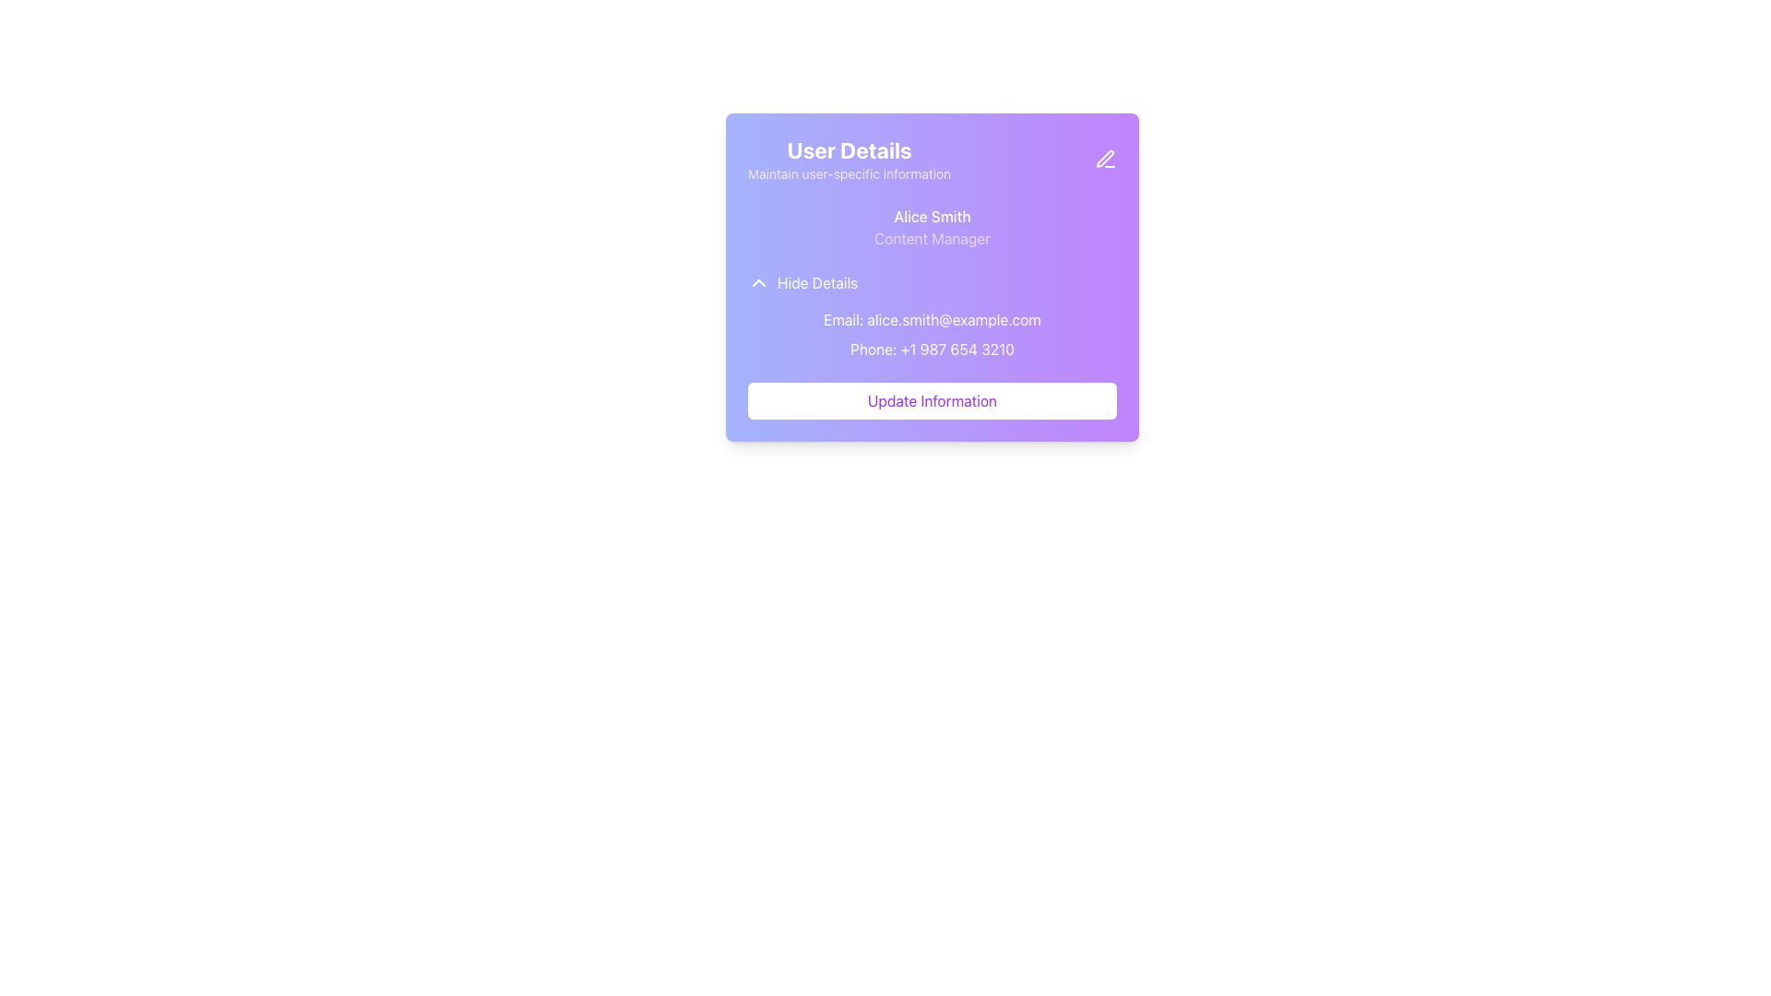 The height and width of the screenshot is (996, 1771). Describe the element at coordinates (933, 319) in the screenshot. I see `email address displayed in the static text element located above the phone number element` at that location.